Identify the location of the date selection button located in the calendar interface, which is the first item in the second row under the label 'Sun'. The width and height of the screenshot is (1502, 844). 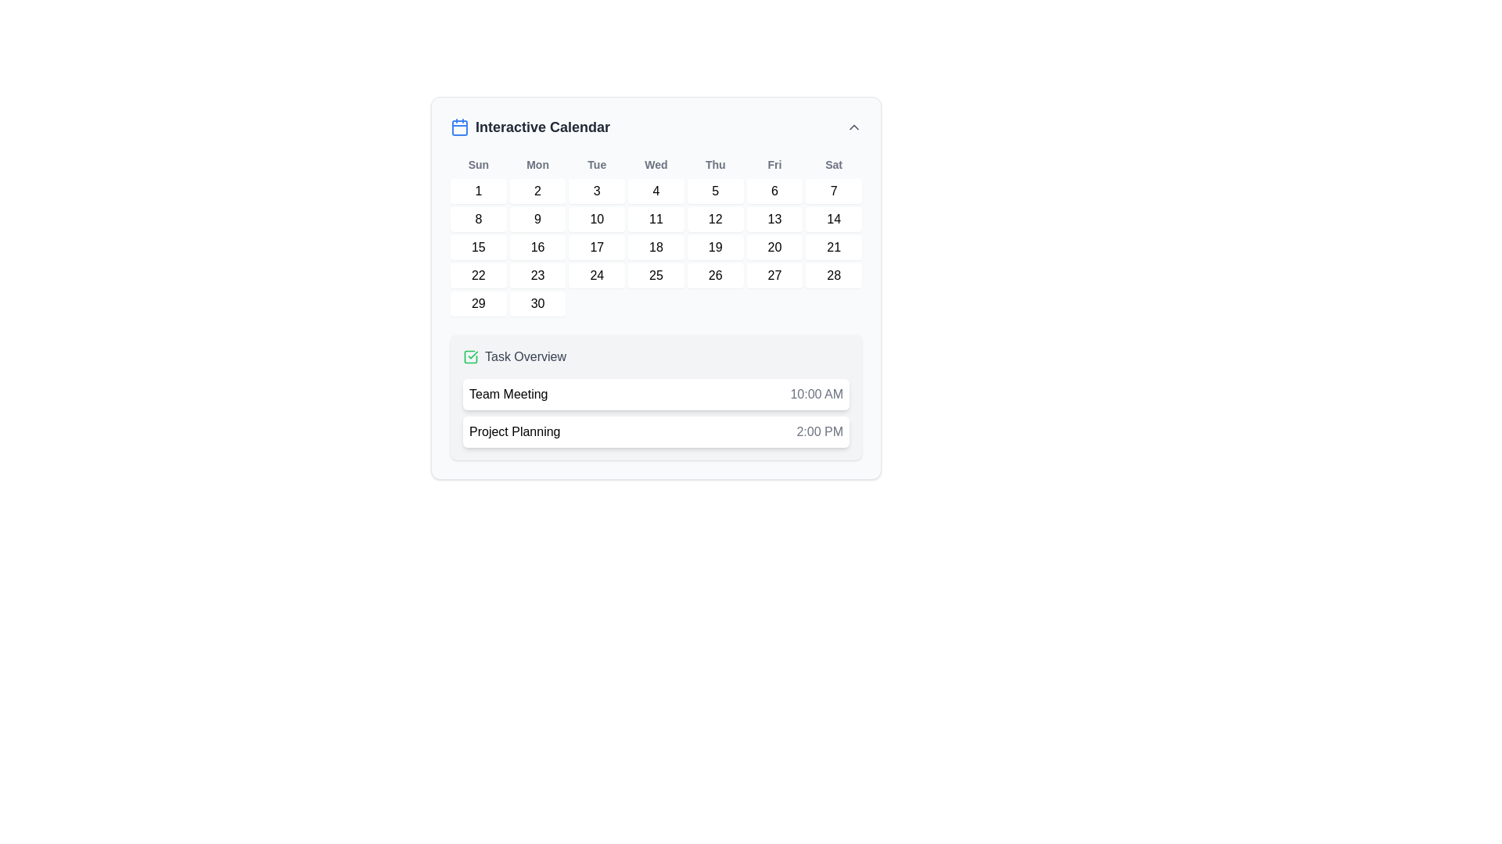
(477, 220).